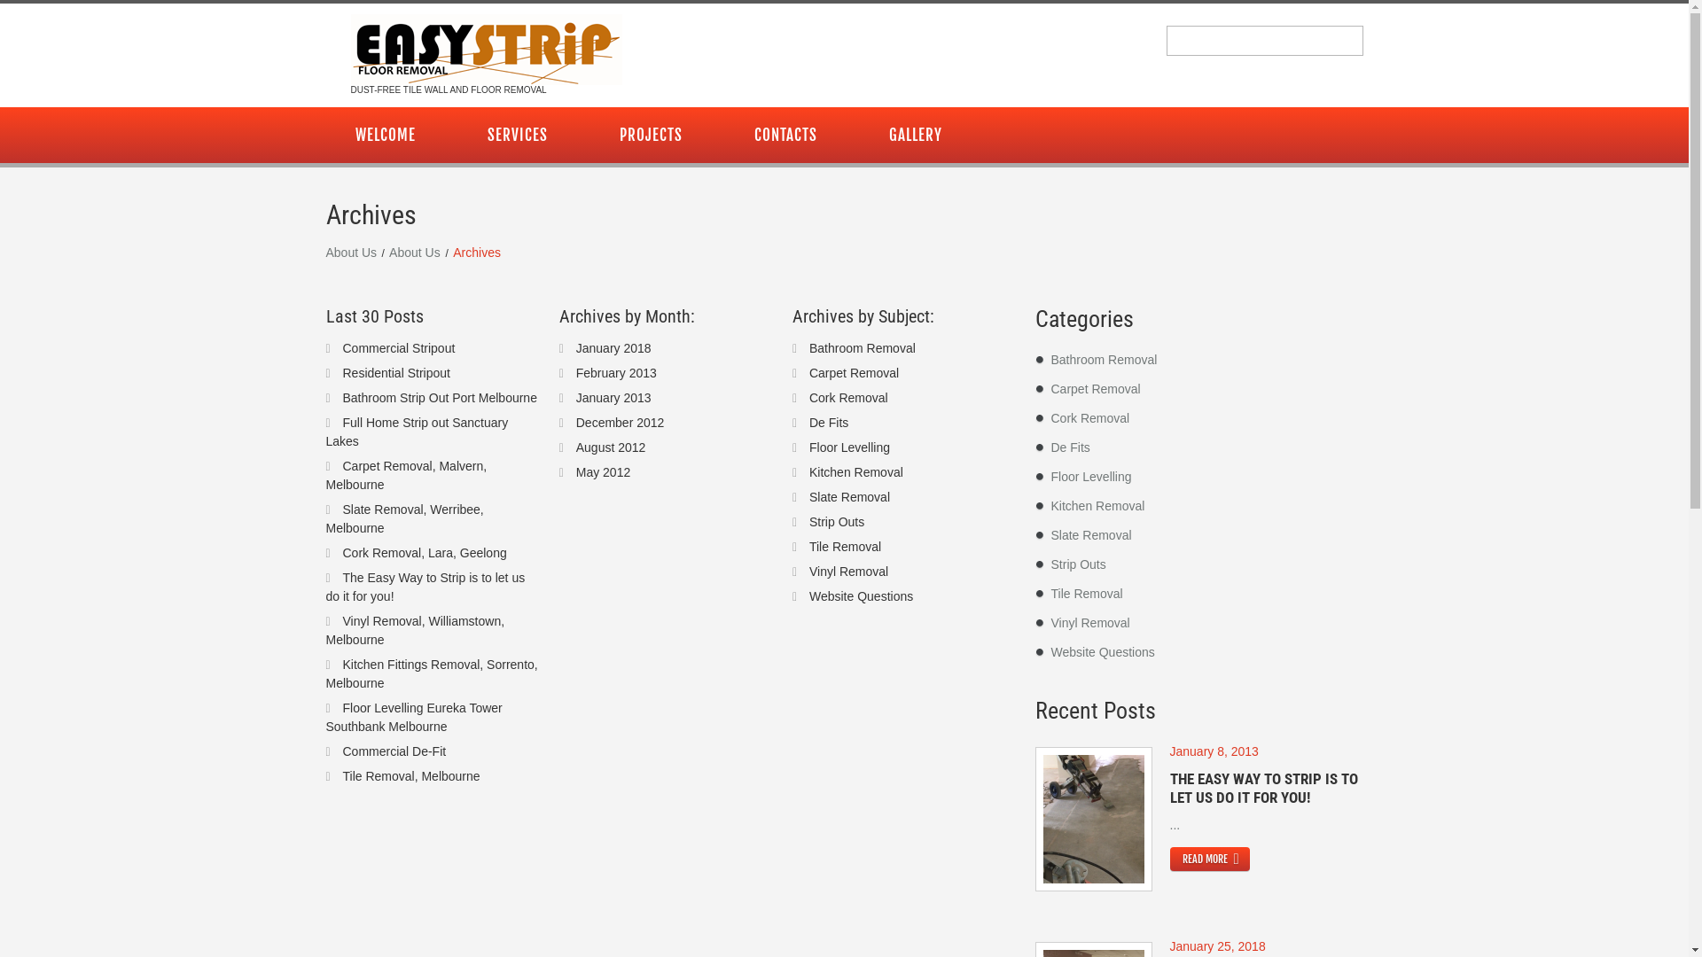 Image resolution: width=1702 pixels, height=957 pixels. What do you see at coordinates (393, 751) in the screenshot?
I see `'Commercial De-Fit'` at bounding box center [393, 751].